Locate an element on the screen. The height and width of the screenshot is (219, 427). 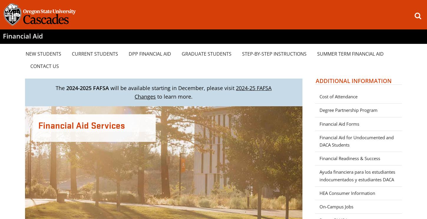
'will be available starting in December, please visit' is located at coordinates (172, 88).